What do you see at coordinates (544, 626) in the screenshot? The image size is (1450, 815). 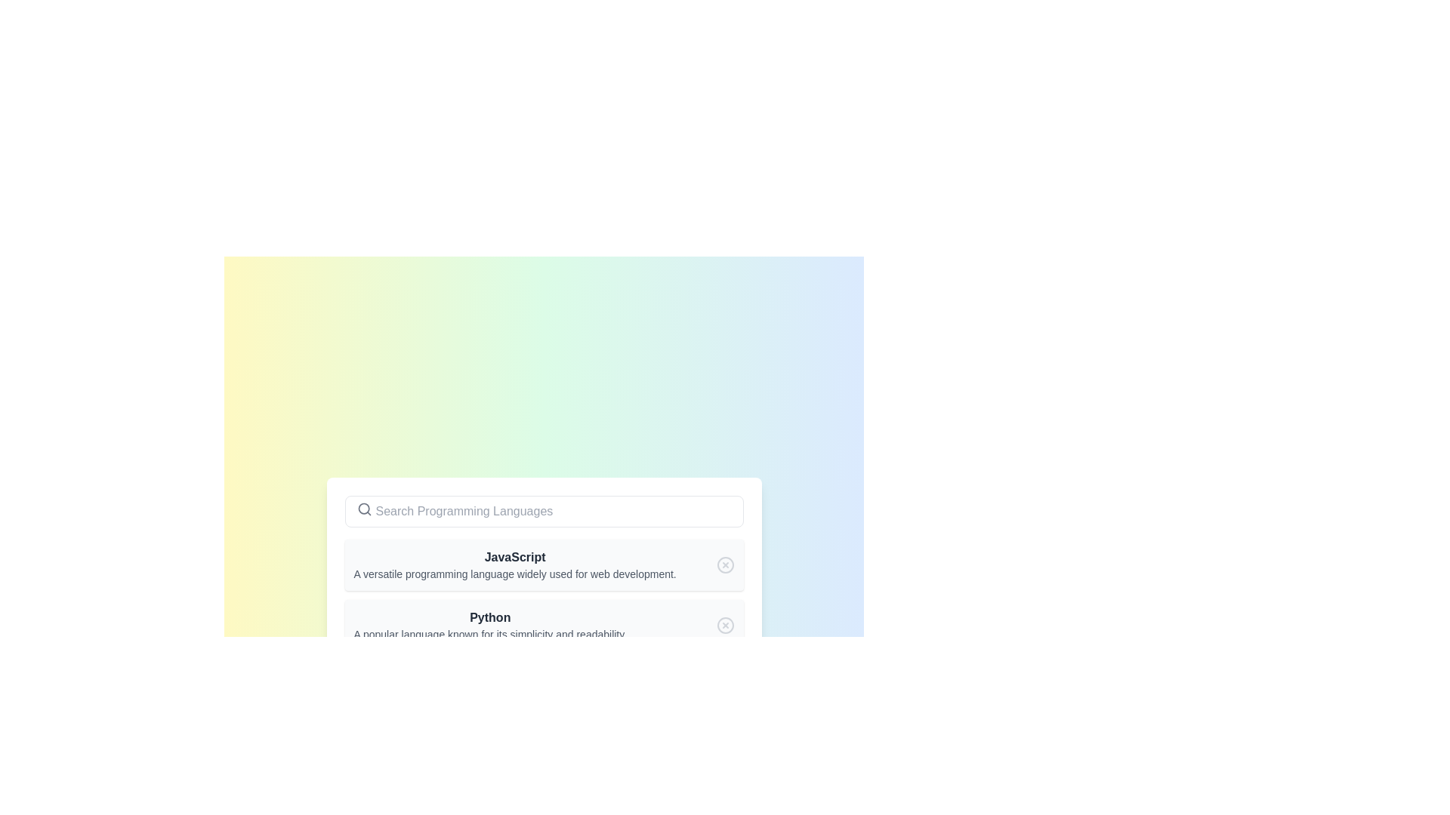 I see `the second list item component displaying information about Python programming language` at bounding box center [544, 626].